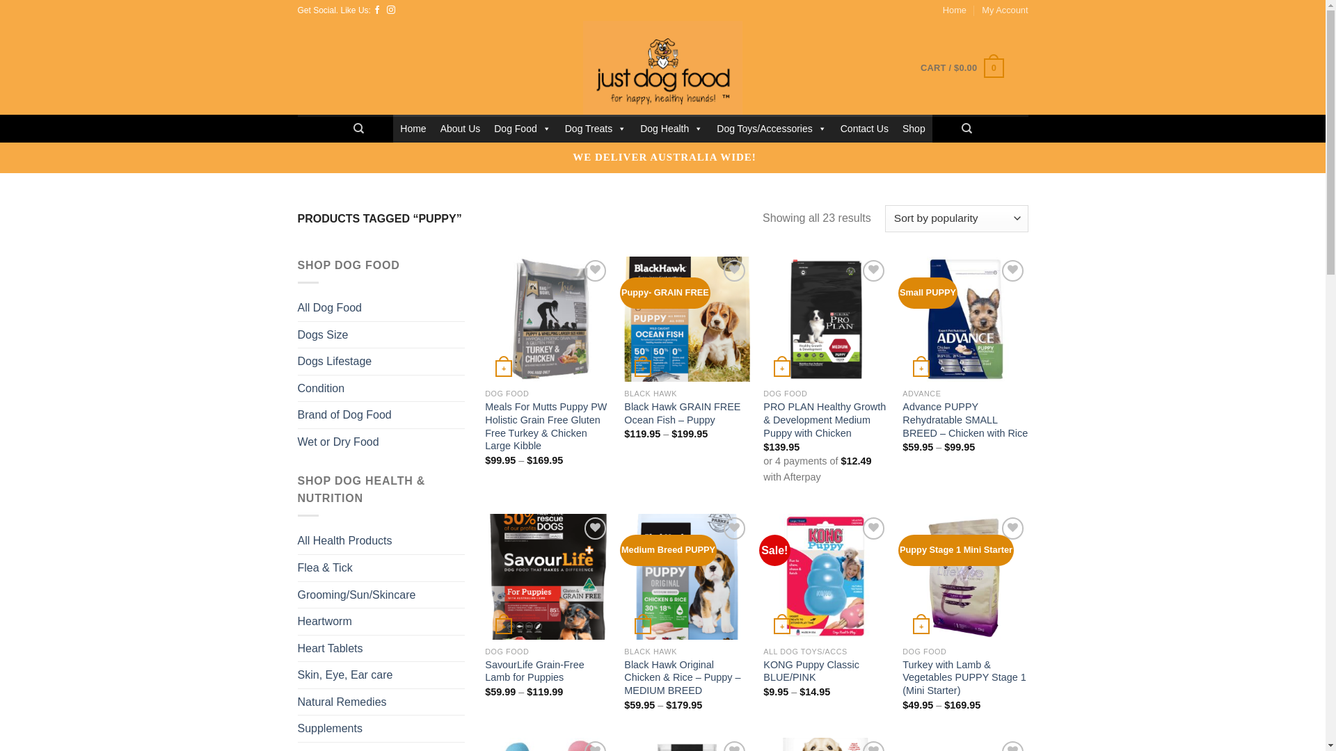 Image resolution: width=1336 pixels, height=751 pixels. What do you see at coordinates (825, 670) in the screenshot?
I see `'KONG Puppy Classic BLUE/PINK'` at bounding box center [825, 670].